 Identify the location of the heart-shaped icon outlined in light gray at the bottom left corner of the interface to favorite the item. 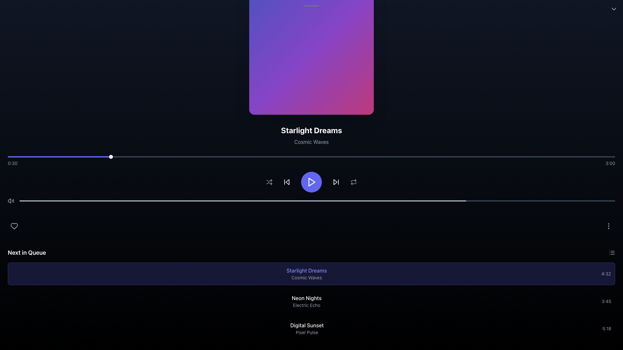
(14, 226).